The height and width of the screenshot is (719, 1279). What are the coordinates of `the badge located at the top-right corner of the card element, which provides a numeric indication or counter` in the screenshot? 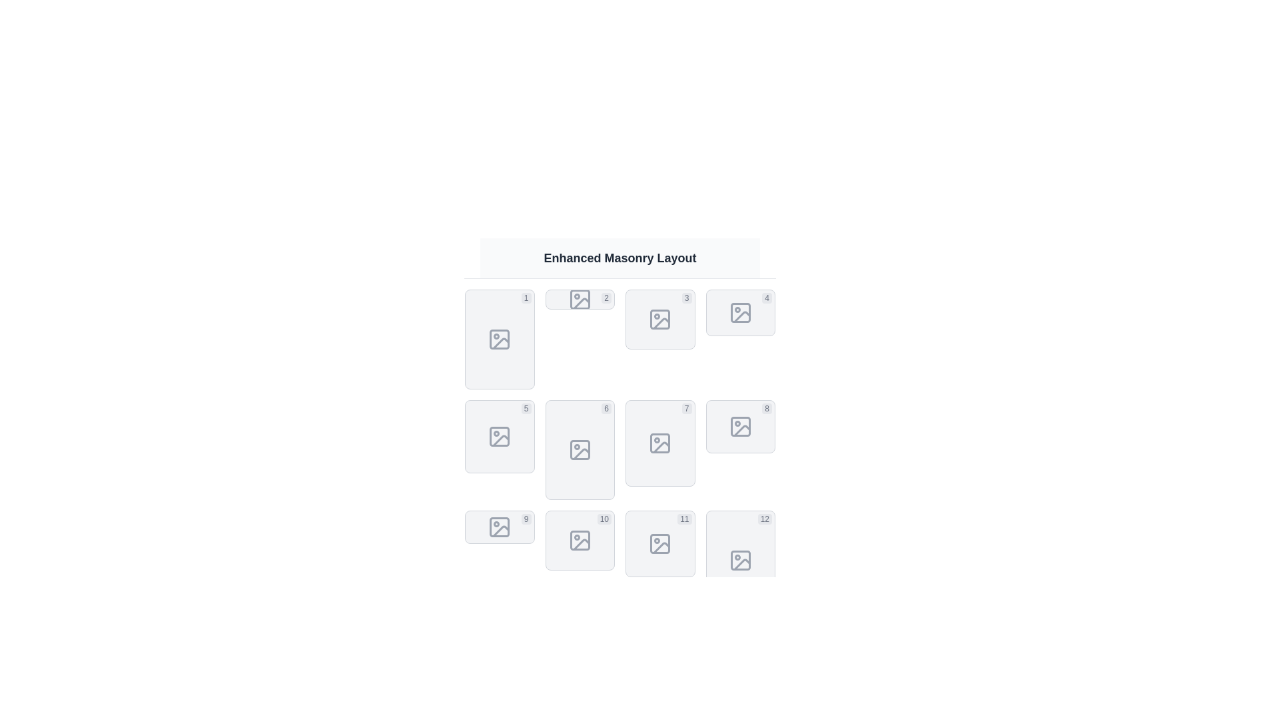 It's located at (526, 518).